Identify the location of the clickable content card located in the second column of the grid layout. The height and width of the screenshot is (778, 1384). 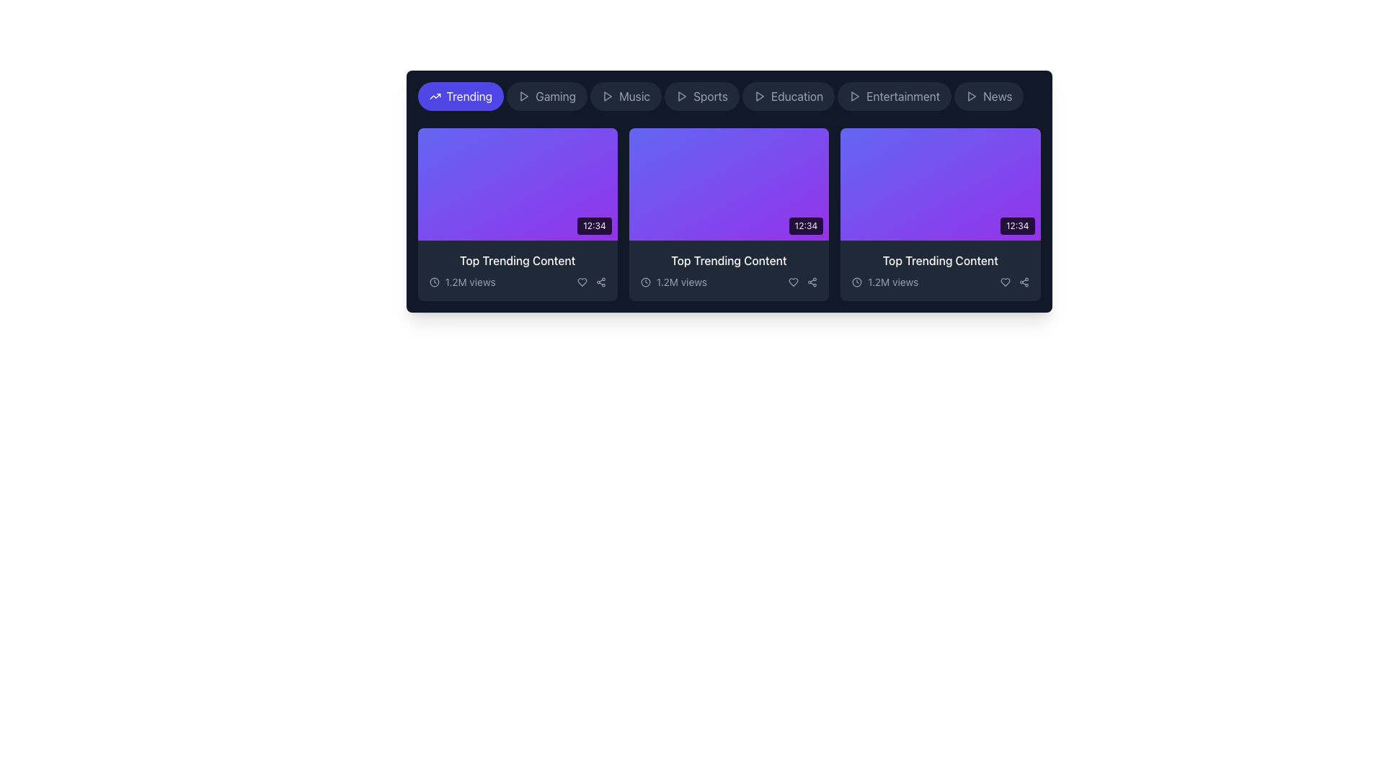
(729, 214).